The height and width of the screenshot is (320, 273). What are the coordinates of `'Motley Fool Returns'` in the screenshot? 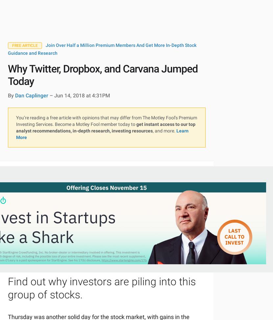 It's located at (8, 74).